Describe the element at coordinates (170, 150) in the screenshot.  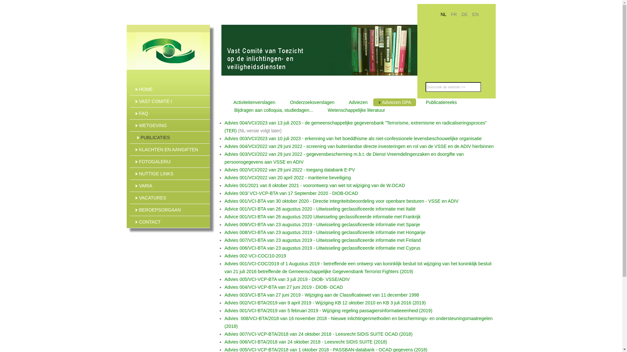
I see `'KLACHTEN EN AANGIFTEN'` at that location.